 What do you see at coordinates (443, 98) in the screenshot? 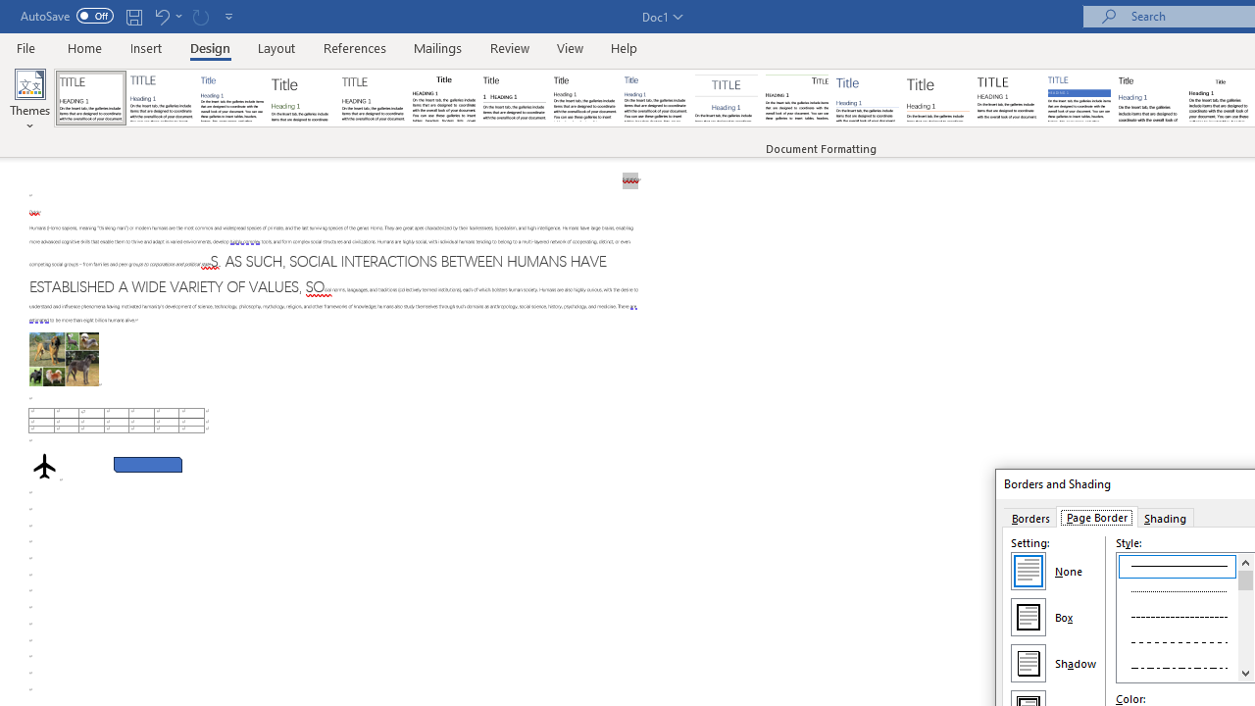
I see `'Black & White (Classic)'` at bounding box center [443, 98].